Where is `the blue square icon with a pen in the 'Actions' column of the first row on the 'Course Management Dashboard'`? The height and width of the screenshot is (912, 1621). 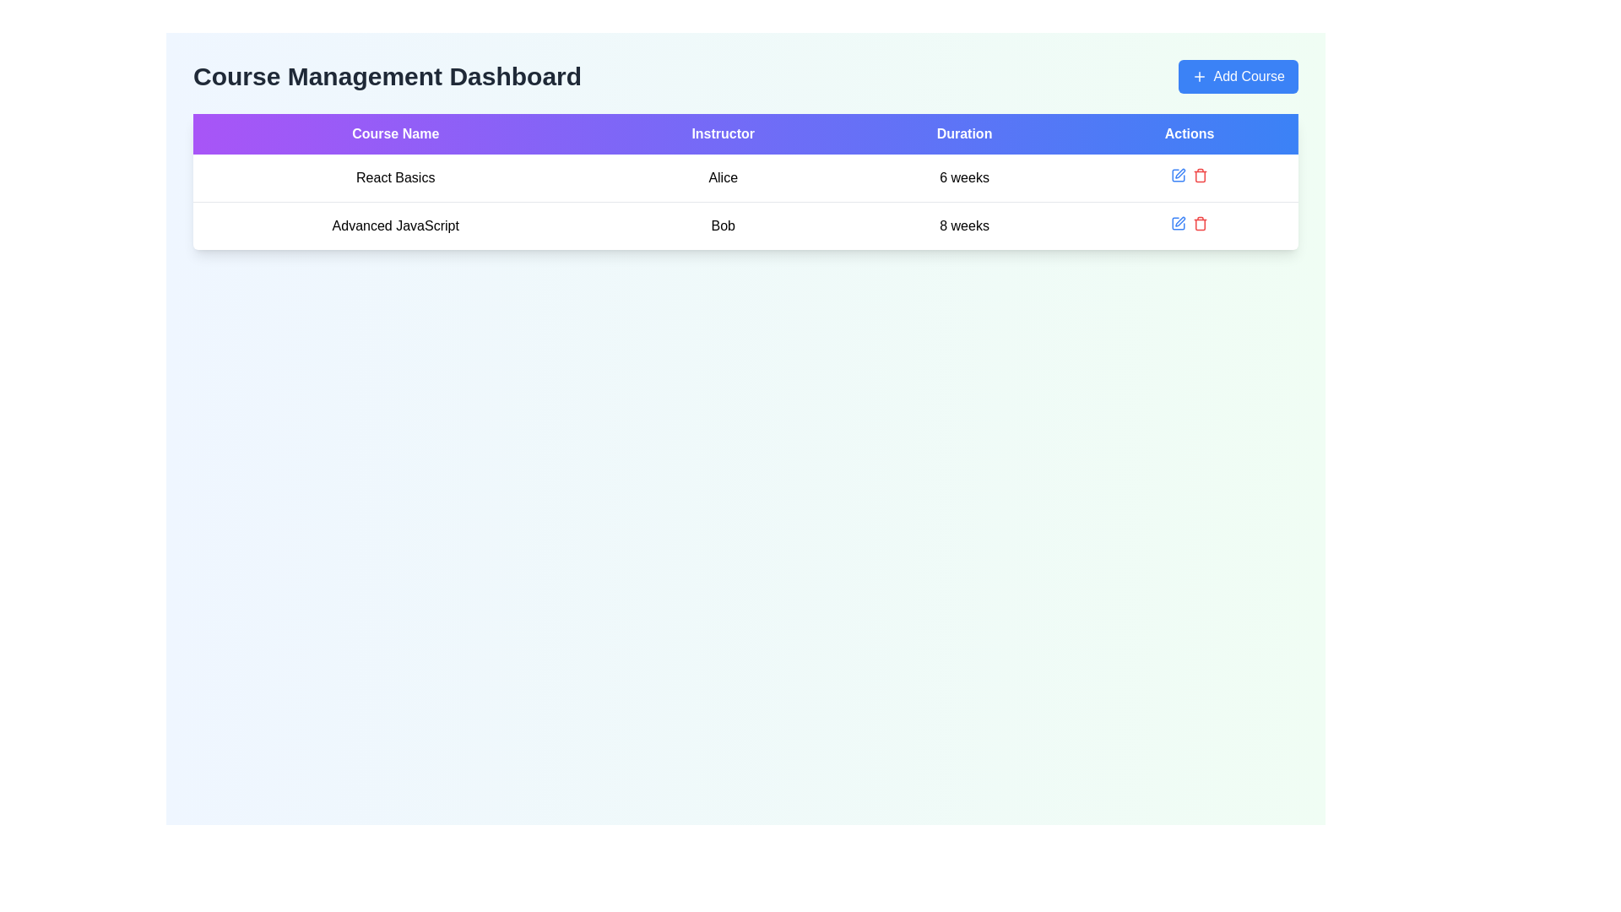
the blue square icon with a pen in the 'Actions' column of the first row on the 'Course Management Dashboard' is located at coordinates (1178, 176).